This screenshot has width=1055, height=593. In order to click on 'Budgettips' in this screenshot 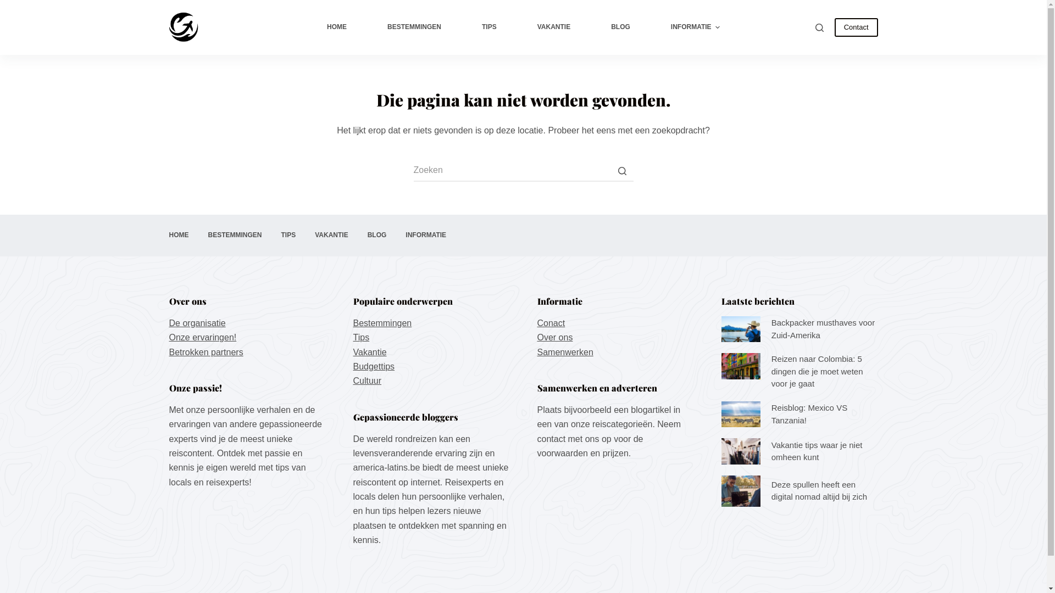, I will do `click(374, 366)`.